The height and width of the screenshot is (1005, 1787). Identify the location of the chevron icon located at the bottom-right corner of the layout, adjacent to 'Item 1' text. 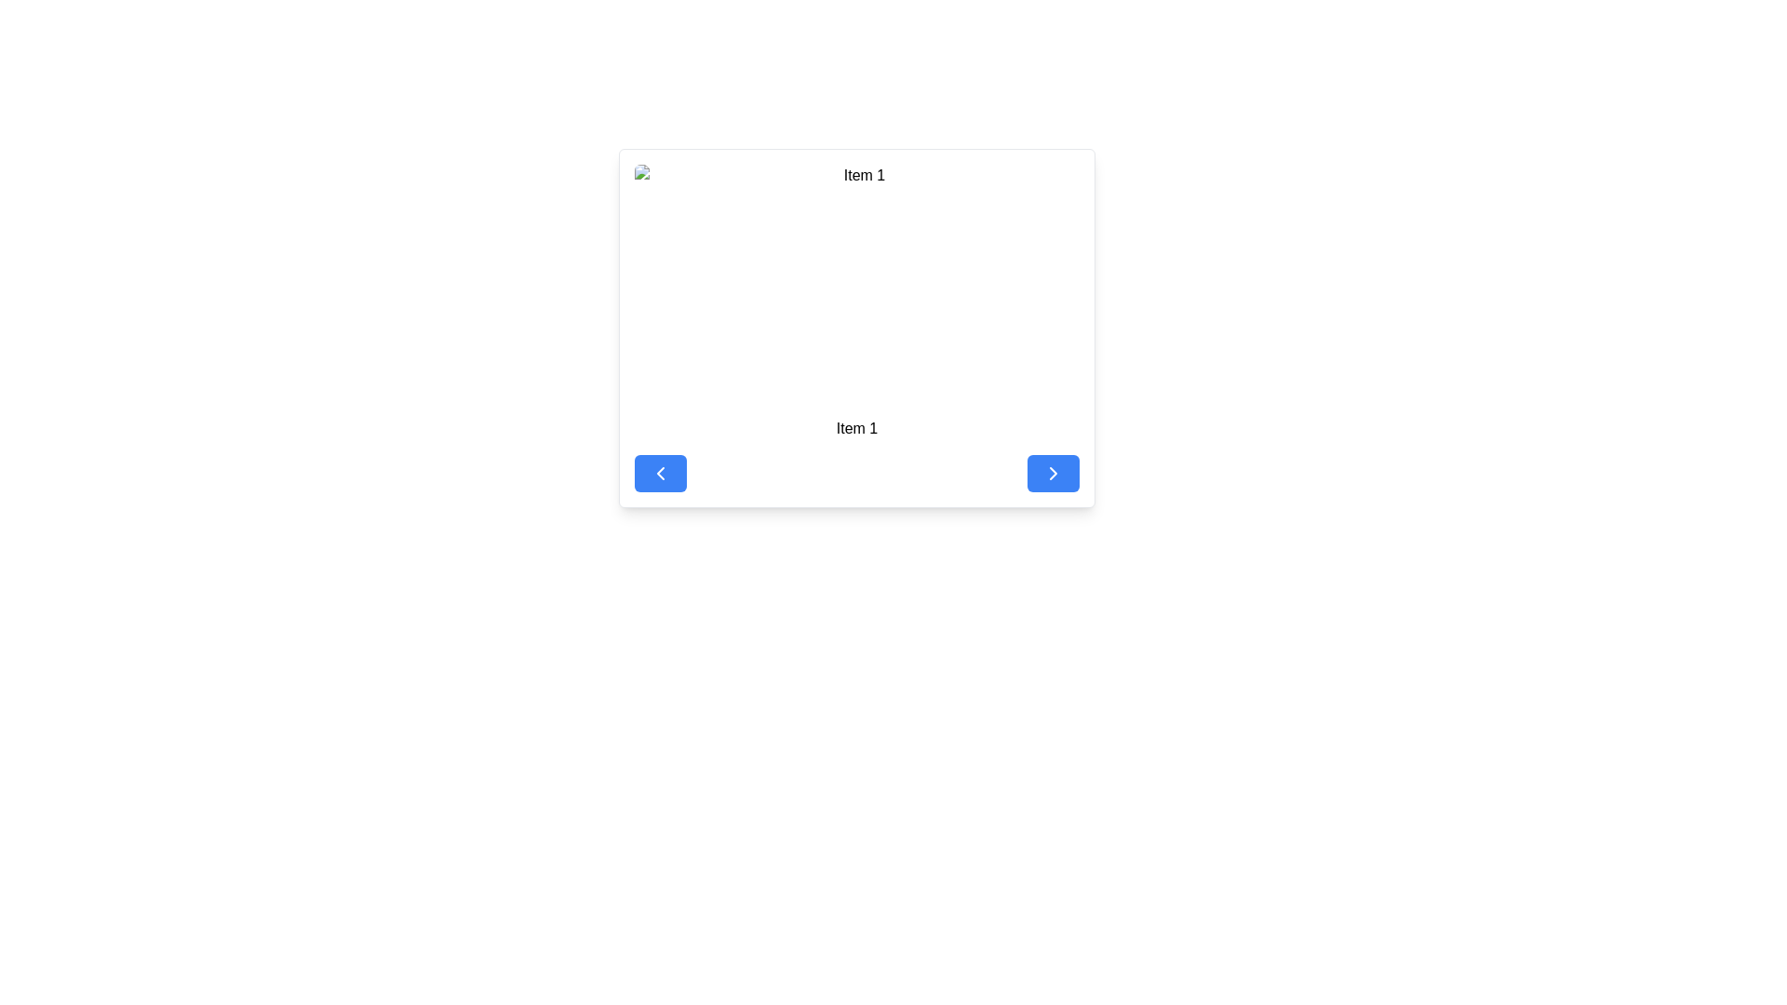
(1054, 473).